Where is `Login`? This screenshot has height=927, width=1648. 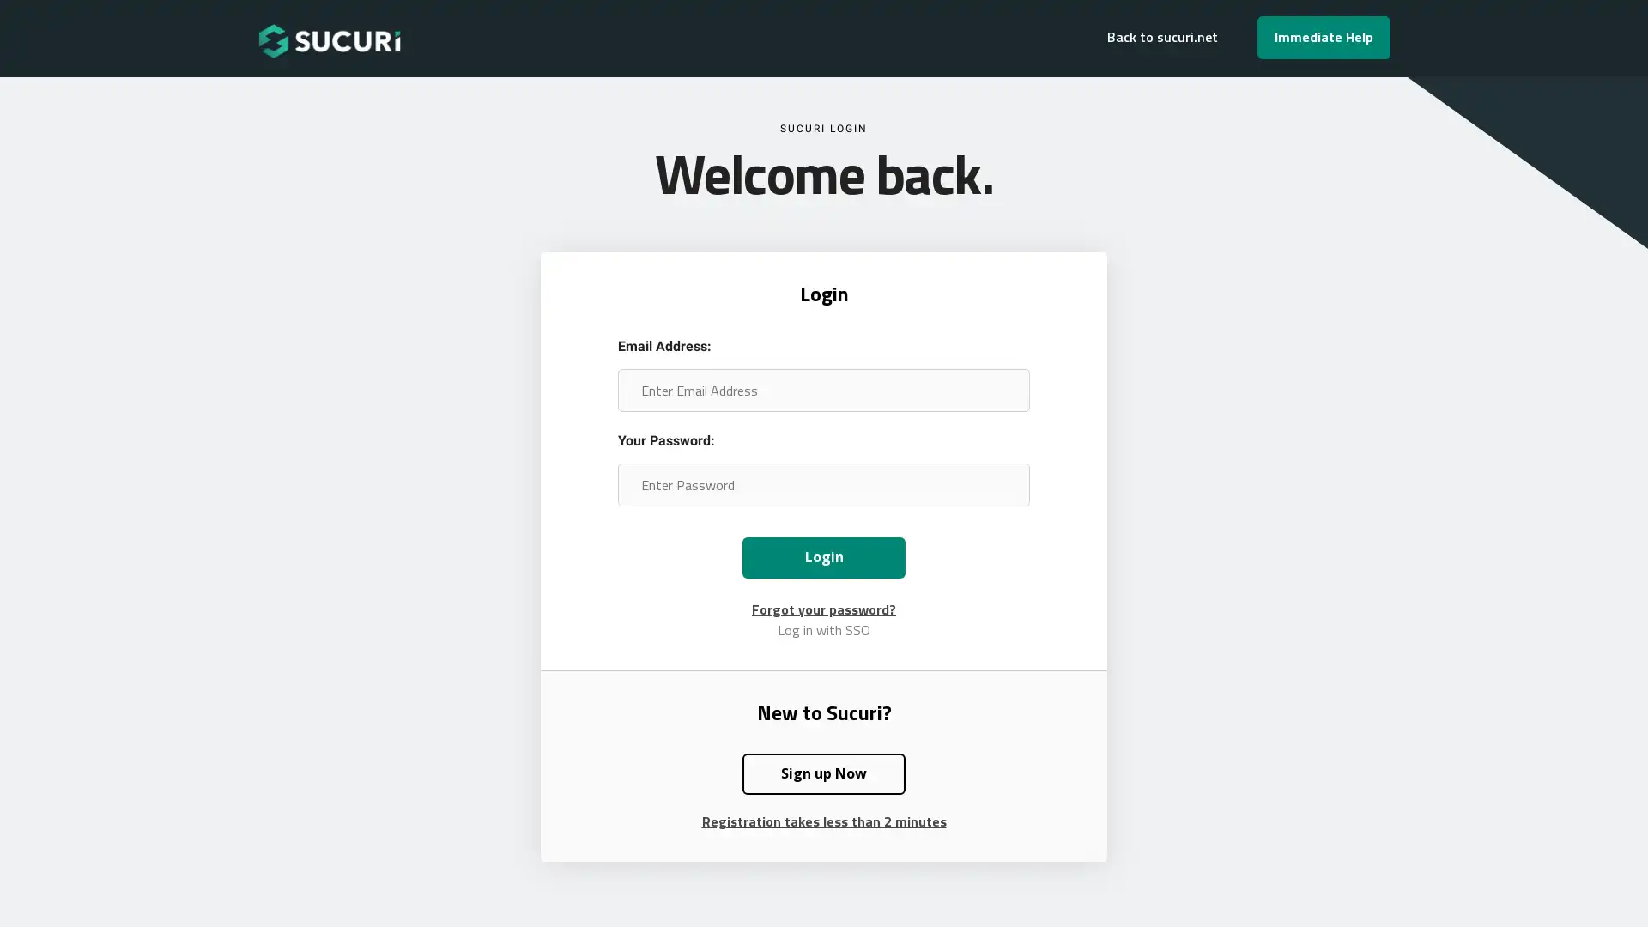 Login is located at coordinates (824, 558).